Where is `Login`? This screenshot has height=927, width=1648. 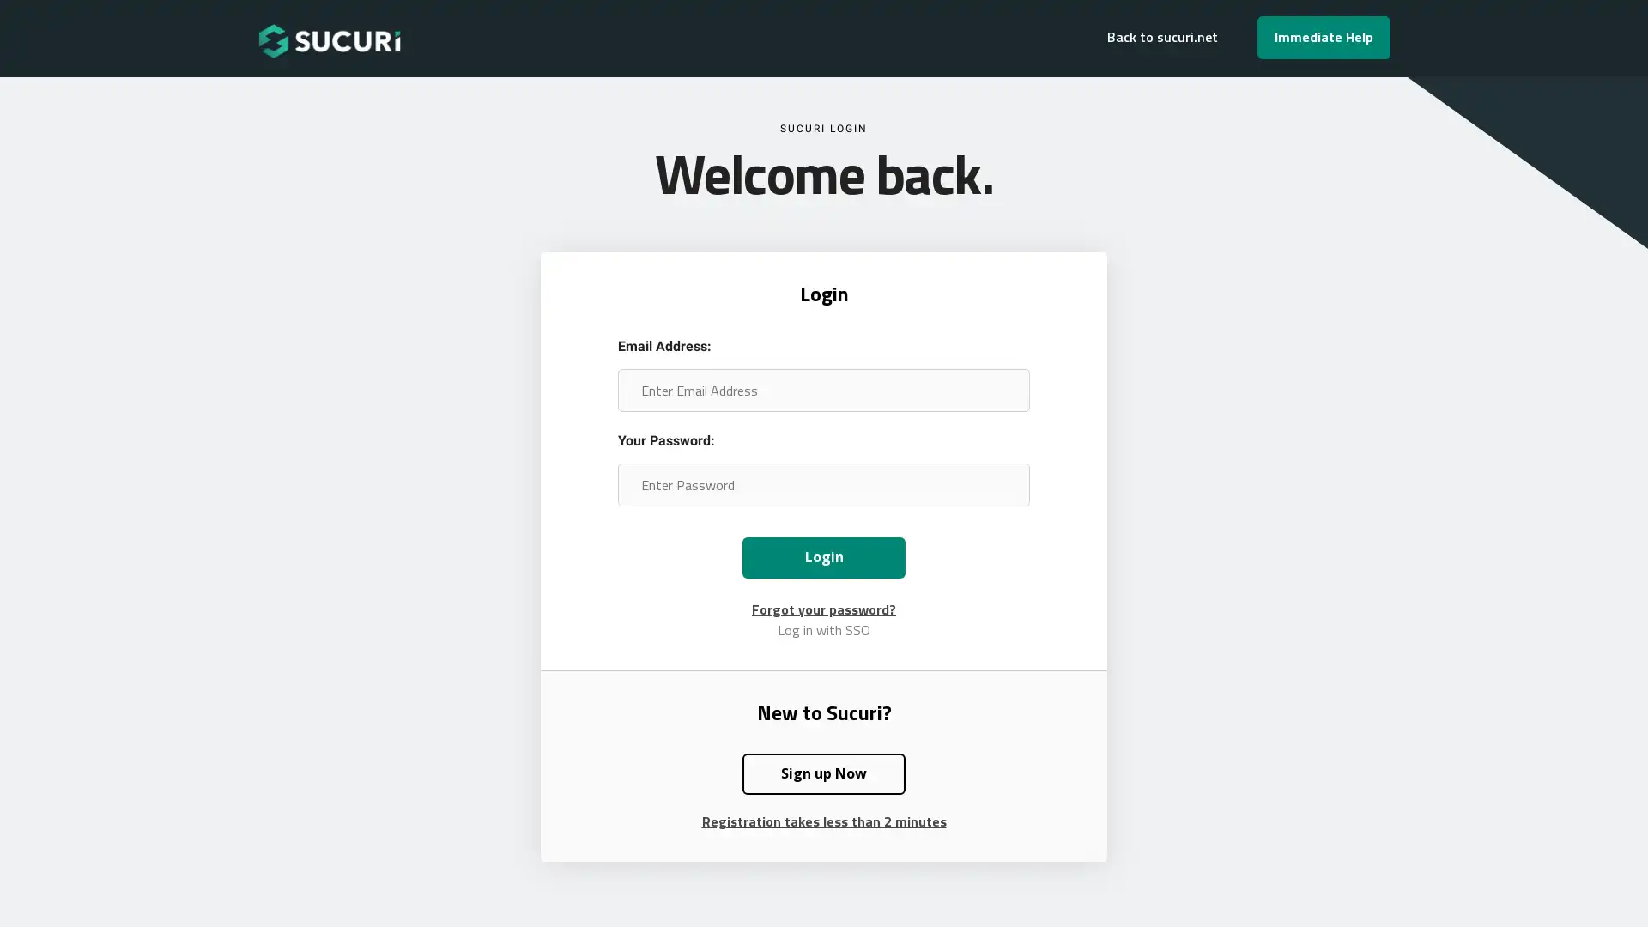 Login is located at coordinates (824, 558).